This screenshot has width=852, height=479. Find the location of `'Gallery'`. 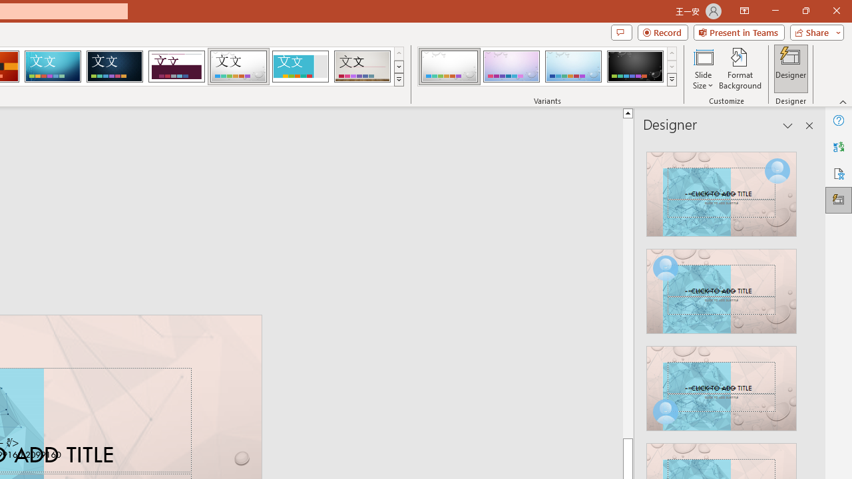

'Gallery' is located at coordinates (362, 67).